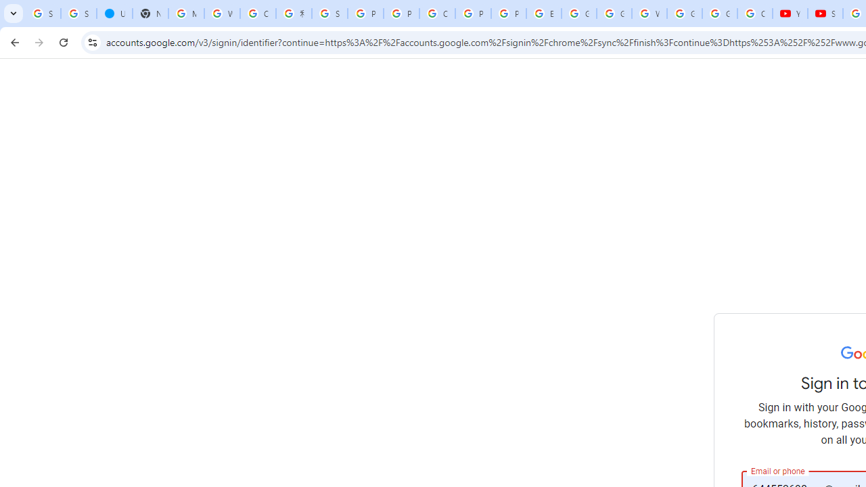 This screenshot has width=866, height=487. I want to click on 'New Tab', so click(150, 14).